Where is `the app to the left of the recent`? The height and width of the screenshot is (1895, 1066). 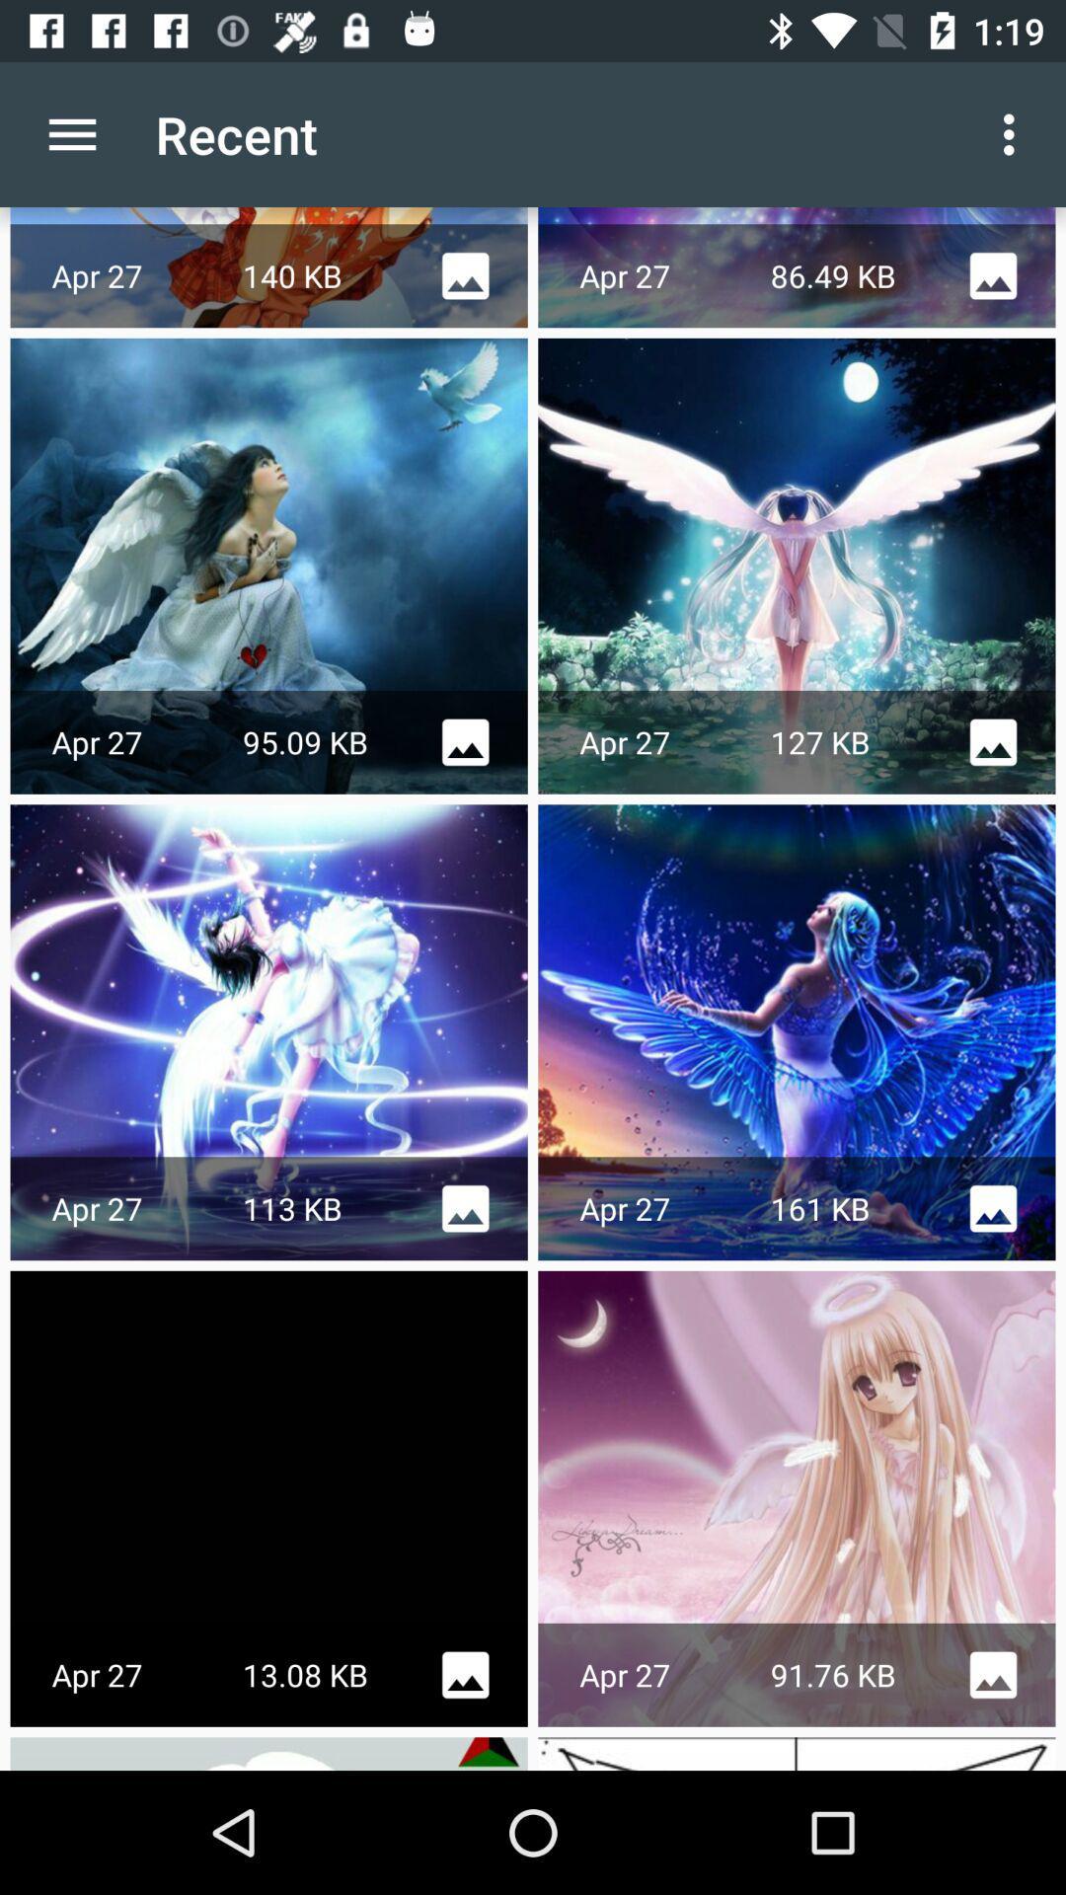
the app to the left of the recent is located at coordinates (71, 133).